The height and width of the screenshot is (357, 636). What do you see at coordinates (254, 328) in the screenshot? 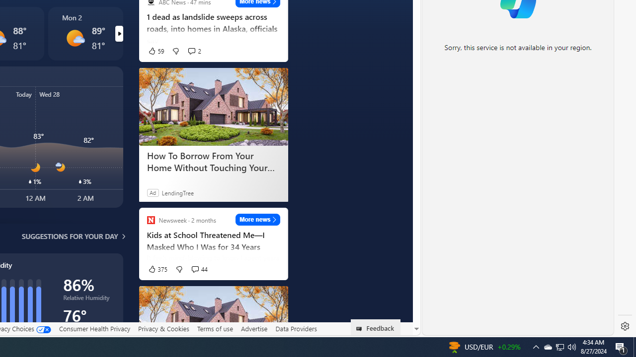
I see `'Advertise'` at bounding box center [254, 328].